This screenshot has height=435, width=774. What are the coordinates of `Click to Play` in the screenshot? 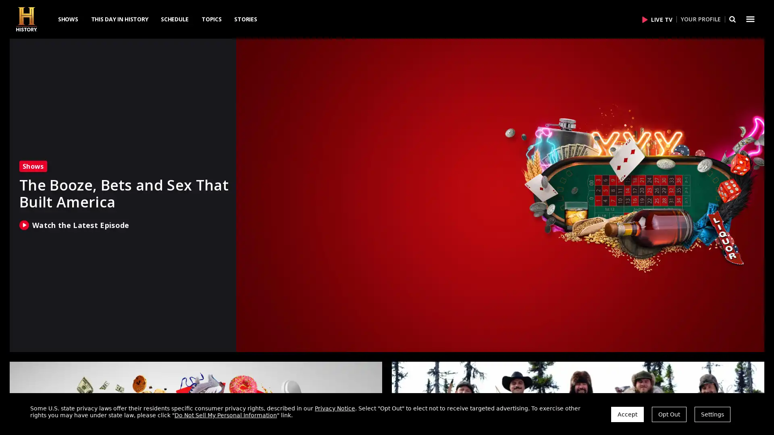 It's located at (646, 19).